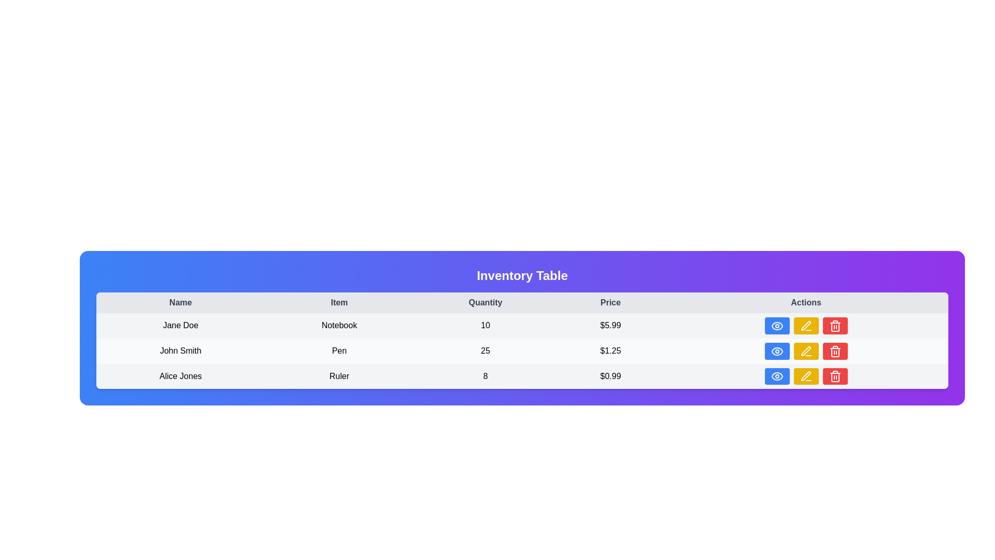  What do you see at coordinates (180, 302) in the screenshot?
I see `the 'Name' label` at bounding box center [180, 302].